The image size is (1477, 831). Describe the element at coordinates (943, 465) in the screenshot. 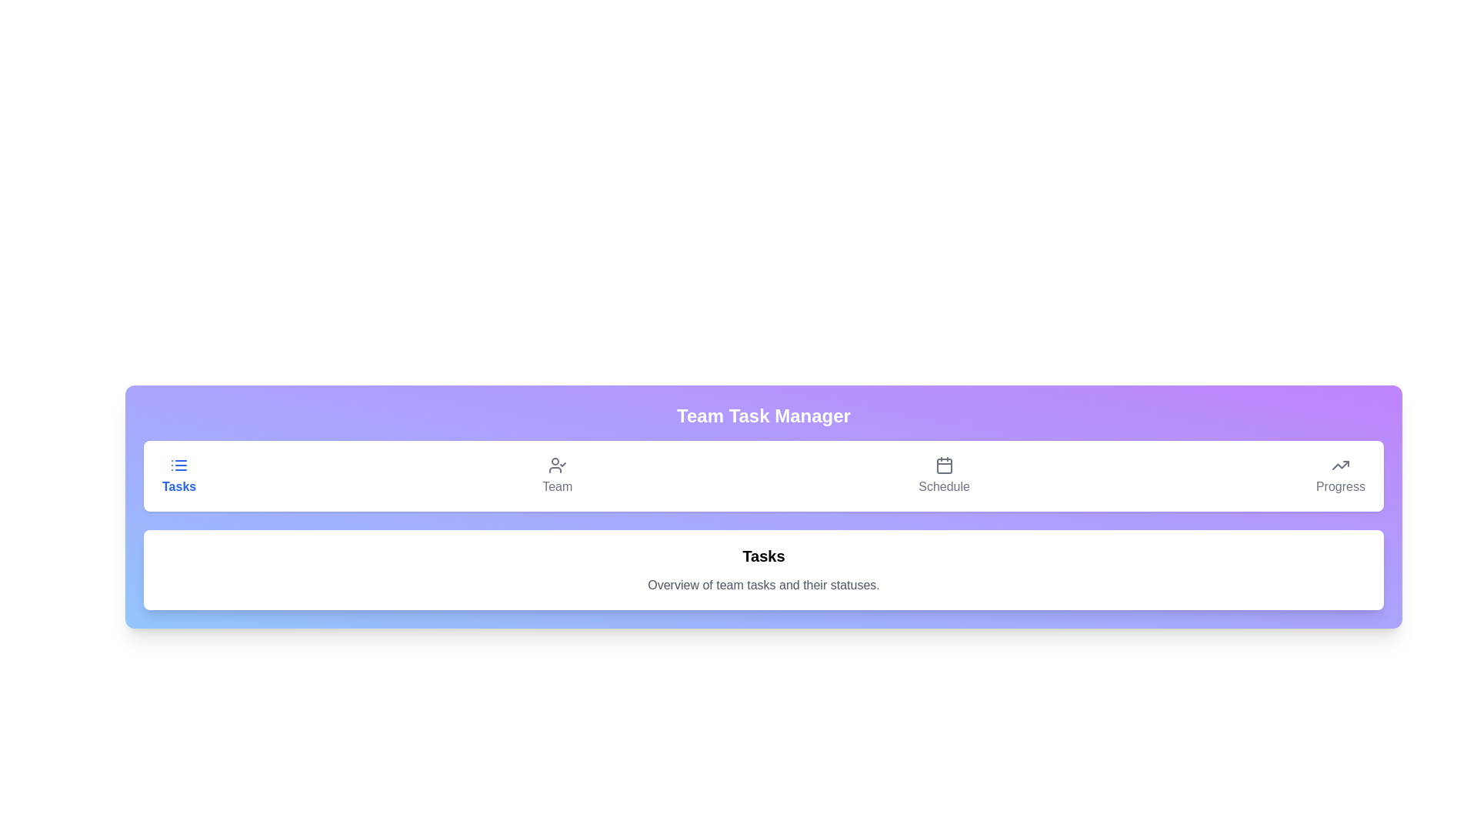

I see `the minimalist calendar icon located above the 'Schedule' text in the horizontal menu bar` at that location.